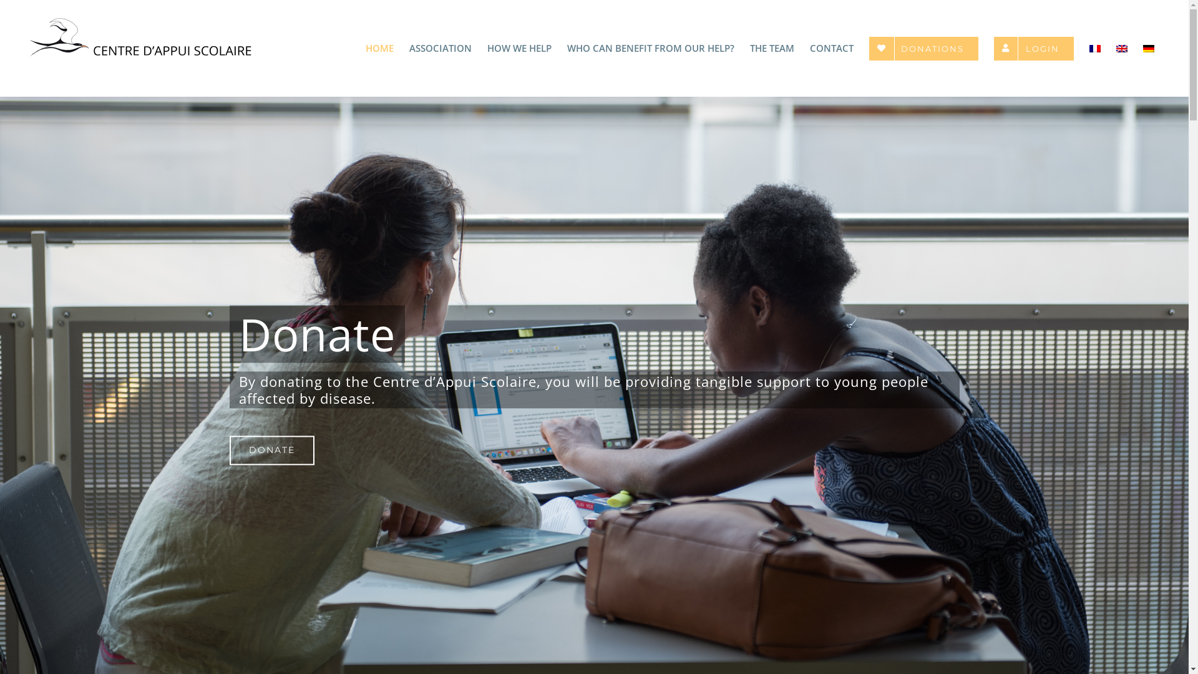  I want to click on 'HOME', so click(364, 47).